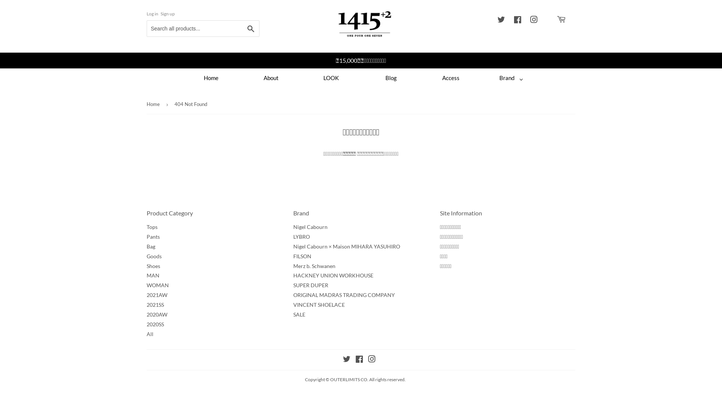 The height and width of the screenshot is (406, 722). Describe the element at coordinates (153, 275) in the screenshot. I see `'MAN'` at that location.